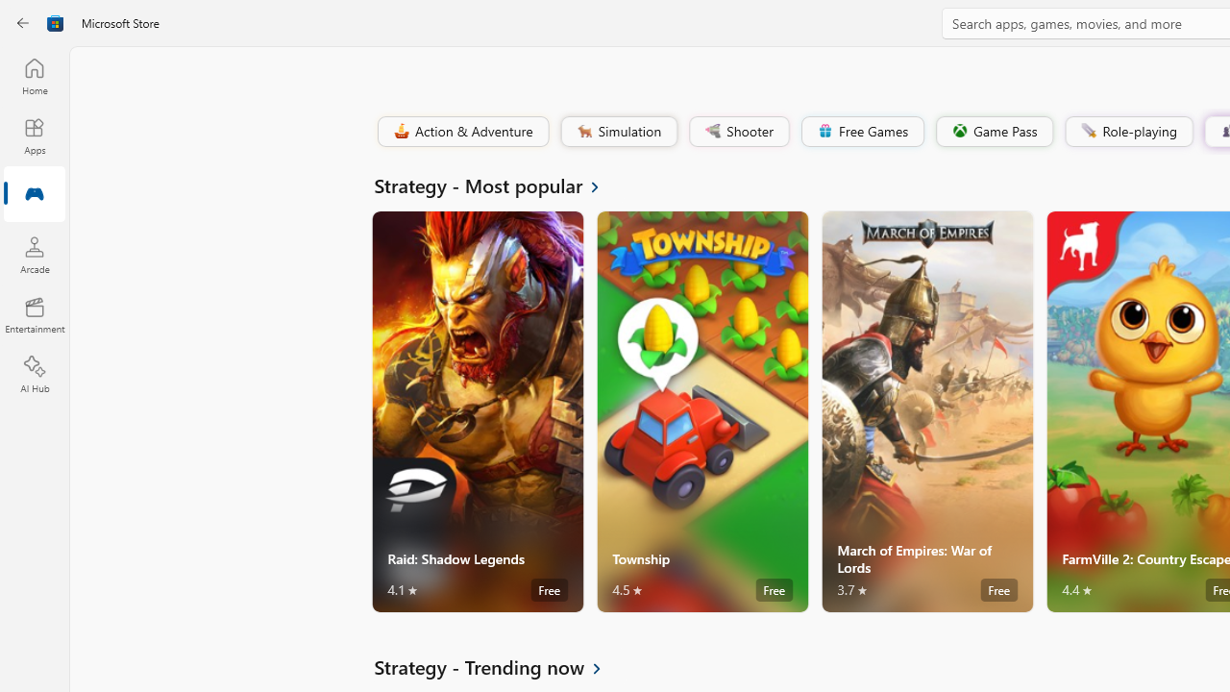 The image size is (1230, 692). What do you see at coordinates (34, 135) in the screenshot?
I see `'Apps'` at bounding box center [34, 135].